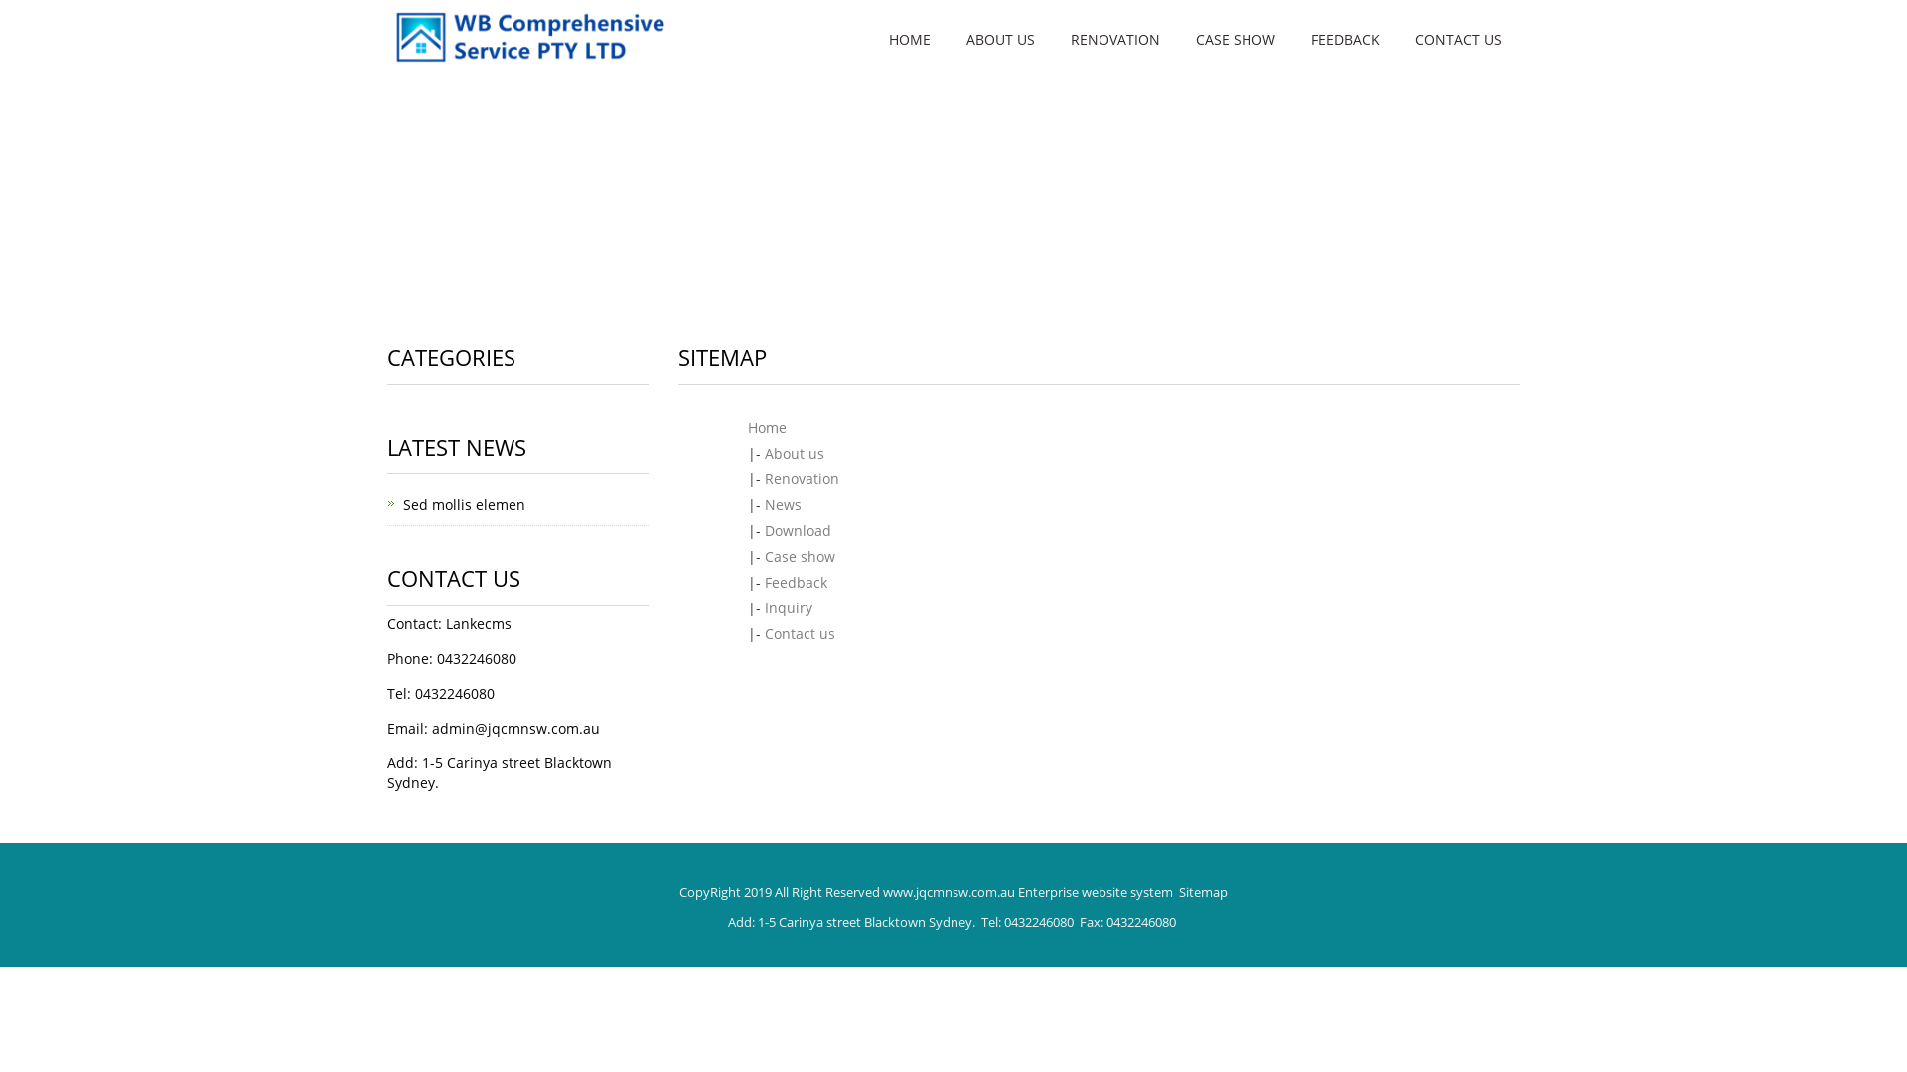  I want to click on 'FEEDBACK', so click(1345, 39).